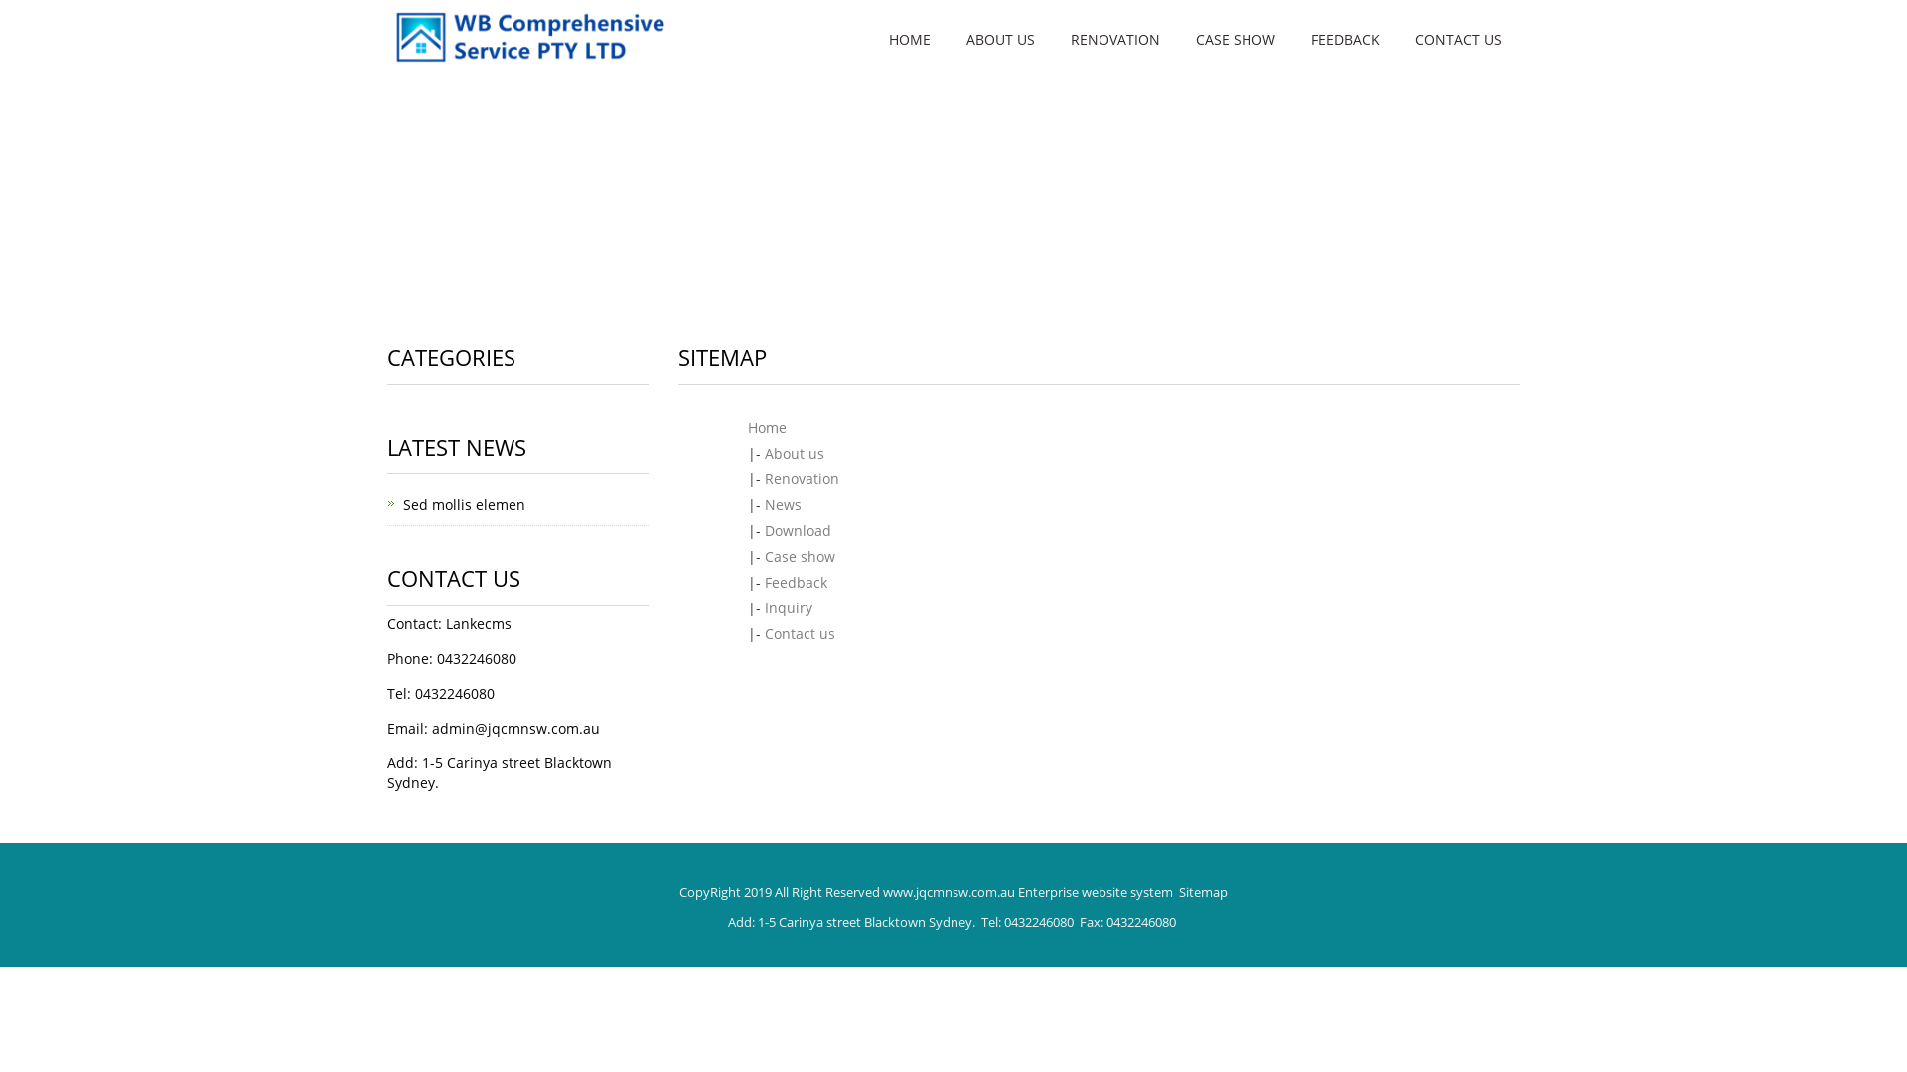  I want to click on 'FEEDBACK', so click(1345, 39).